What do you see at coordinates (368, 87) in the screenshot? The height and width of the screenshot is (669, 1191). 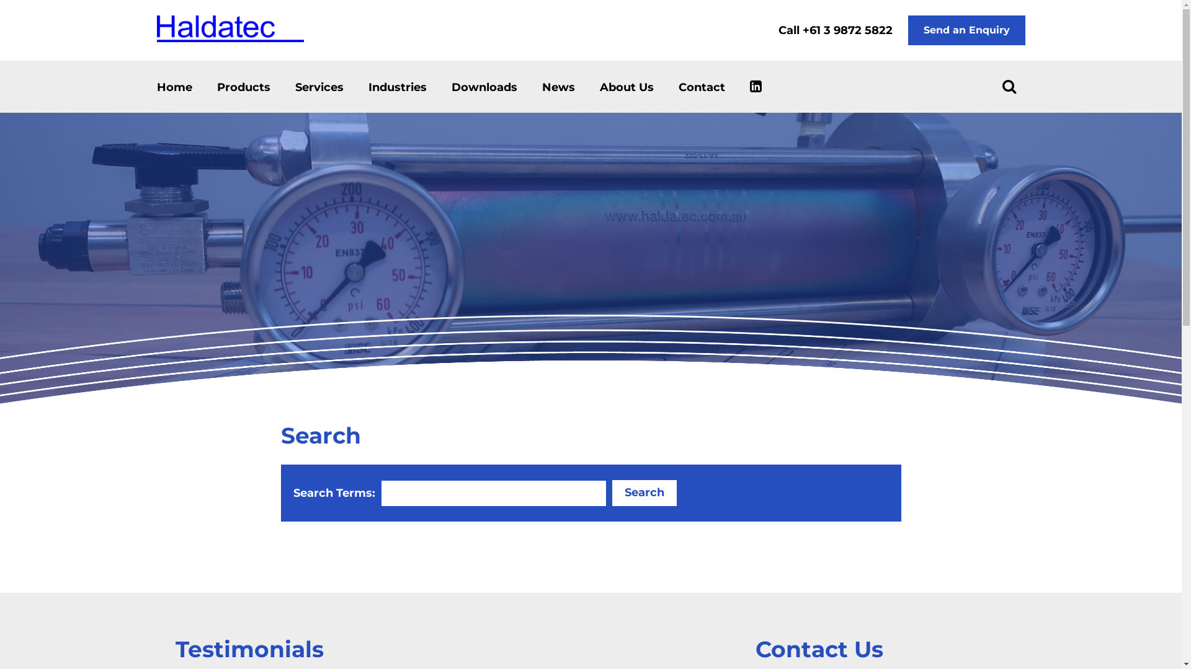 I see `'Industries'` at bounding box center [368, 87].